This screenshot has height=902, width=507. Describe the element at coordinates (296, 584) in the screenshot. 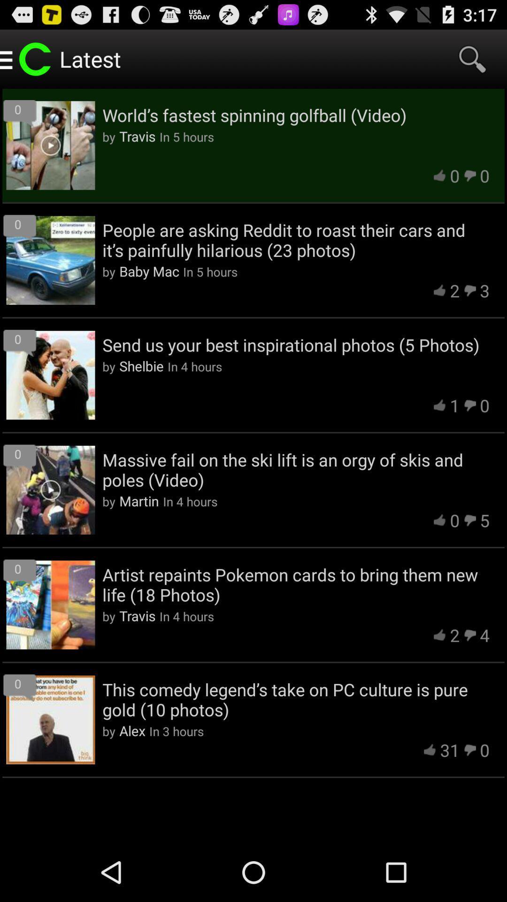

I see `the artist repaints pokemon` at that location.